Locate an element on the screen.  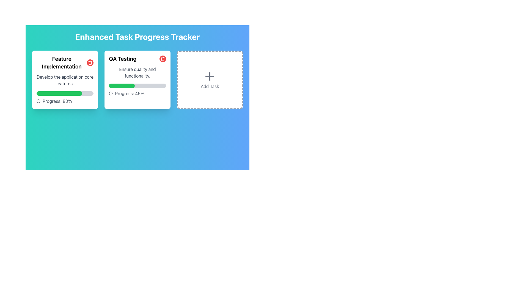
the text block that provides a description of the card's task or goal in the 'Feature Implementation' card layout is located at coordinates (65, 80).